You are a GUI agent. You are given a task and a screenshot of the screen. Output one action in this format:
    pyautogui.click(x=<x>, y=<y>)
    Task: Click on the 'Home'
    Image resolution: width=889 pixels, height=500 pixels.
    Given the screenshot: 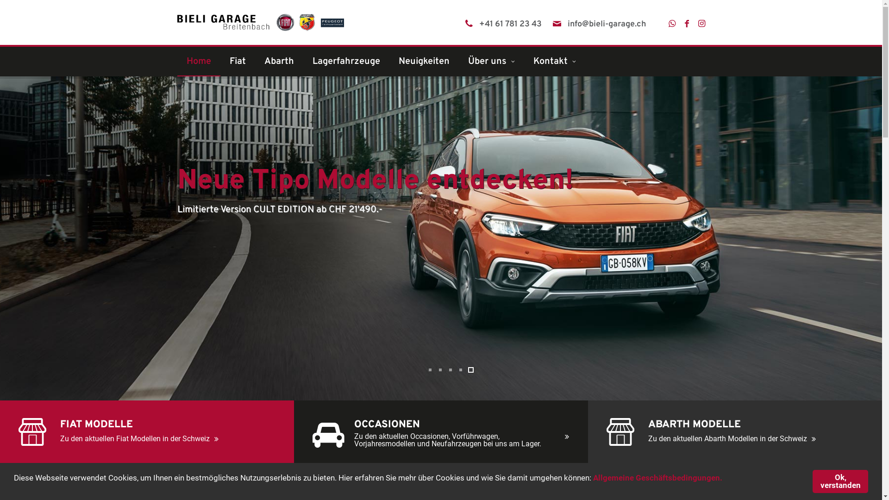 What is the action you would take?
    pyautogui.click(x=198, y=61)
    